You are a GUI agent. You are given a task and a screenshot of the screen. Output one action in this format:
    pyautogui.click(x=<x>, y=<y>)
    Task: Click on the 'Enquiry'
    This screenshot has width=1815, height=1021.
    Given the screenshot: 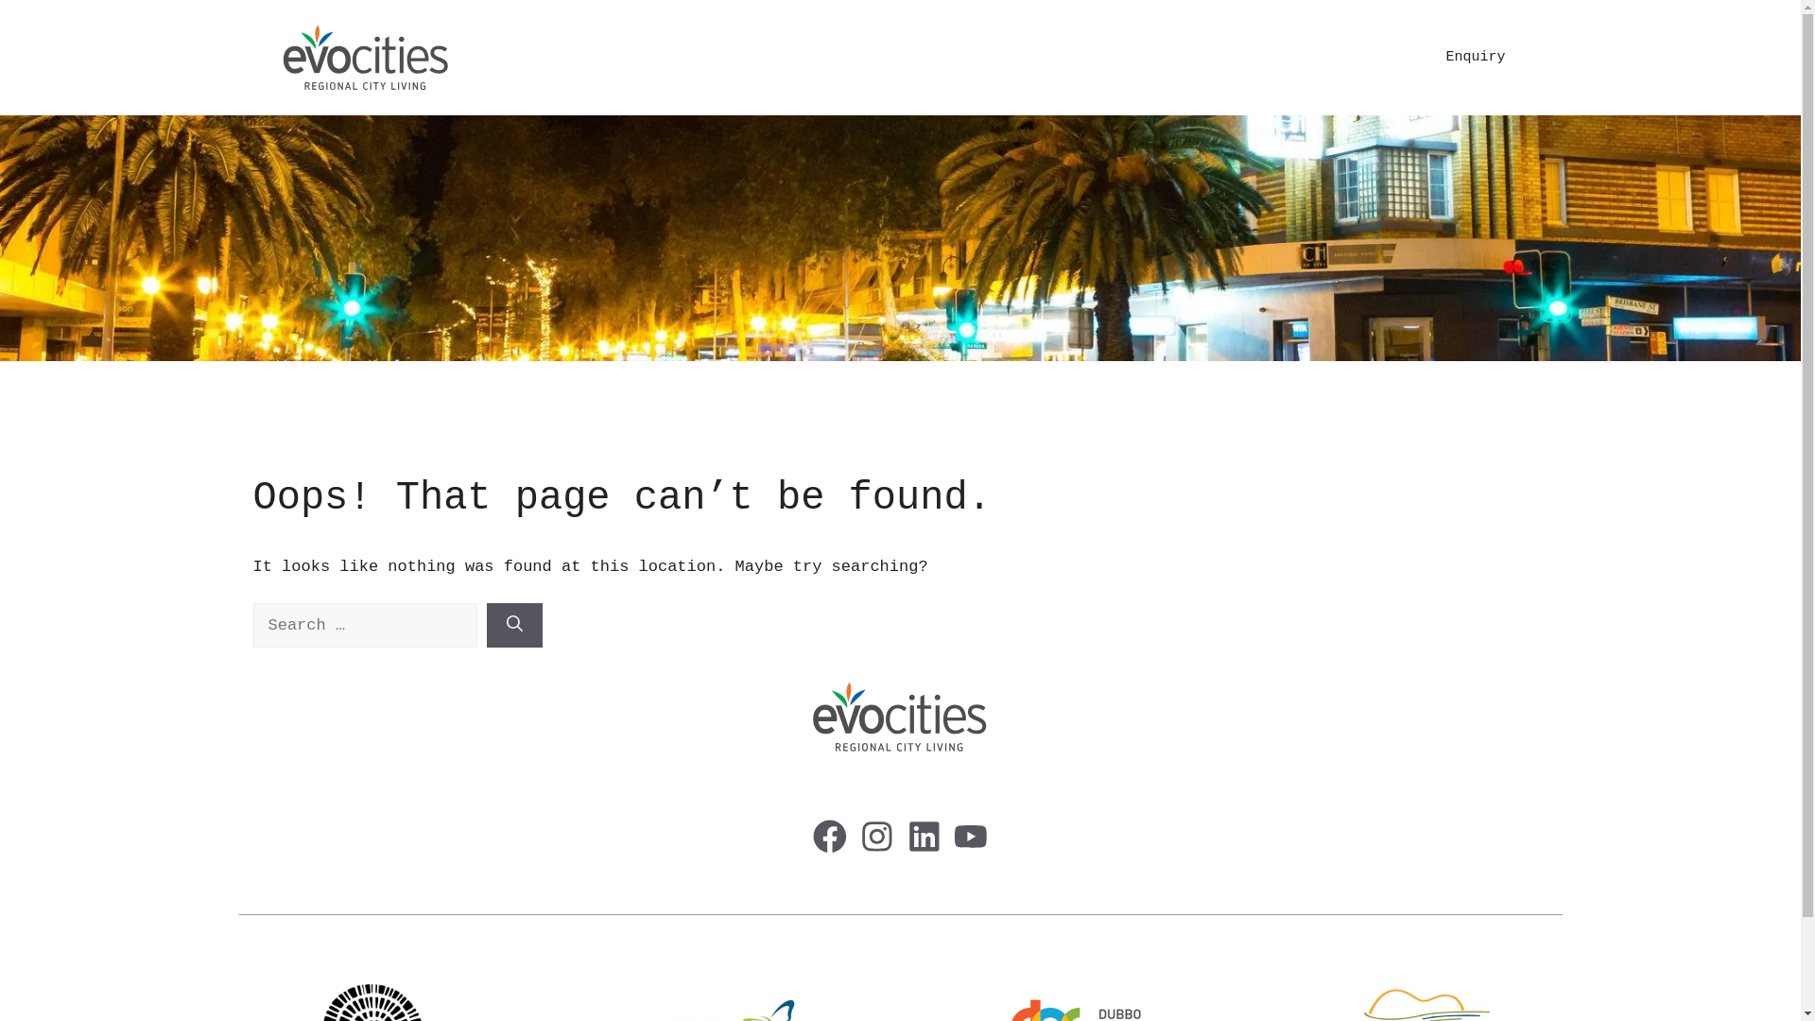 What is the action you would take?
    pyautogui.click(x=1474, y=57)
    